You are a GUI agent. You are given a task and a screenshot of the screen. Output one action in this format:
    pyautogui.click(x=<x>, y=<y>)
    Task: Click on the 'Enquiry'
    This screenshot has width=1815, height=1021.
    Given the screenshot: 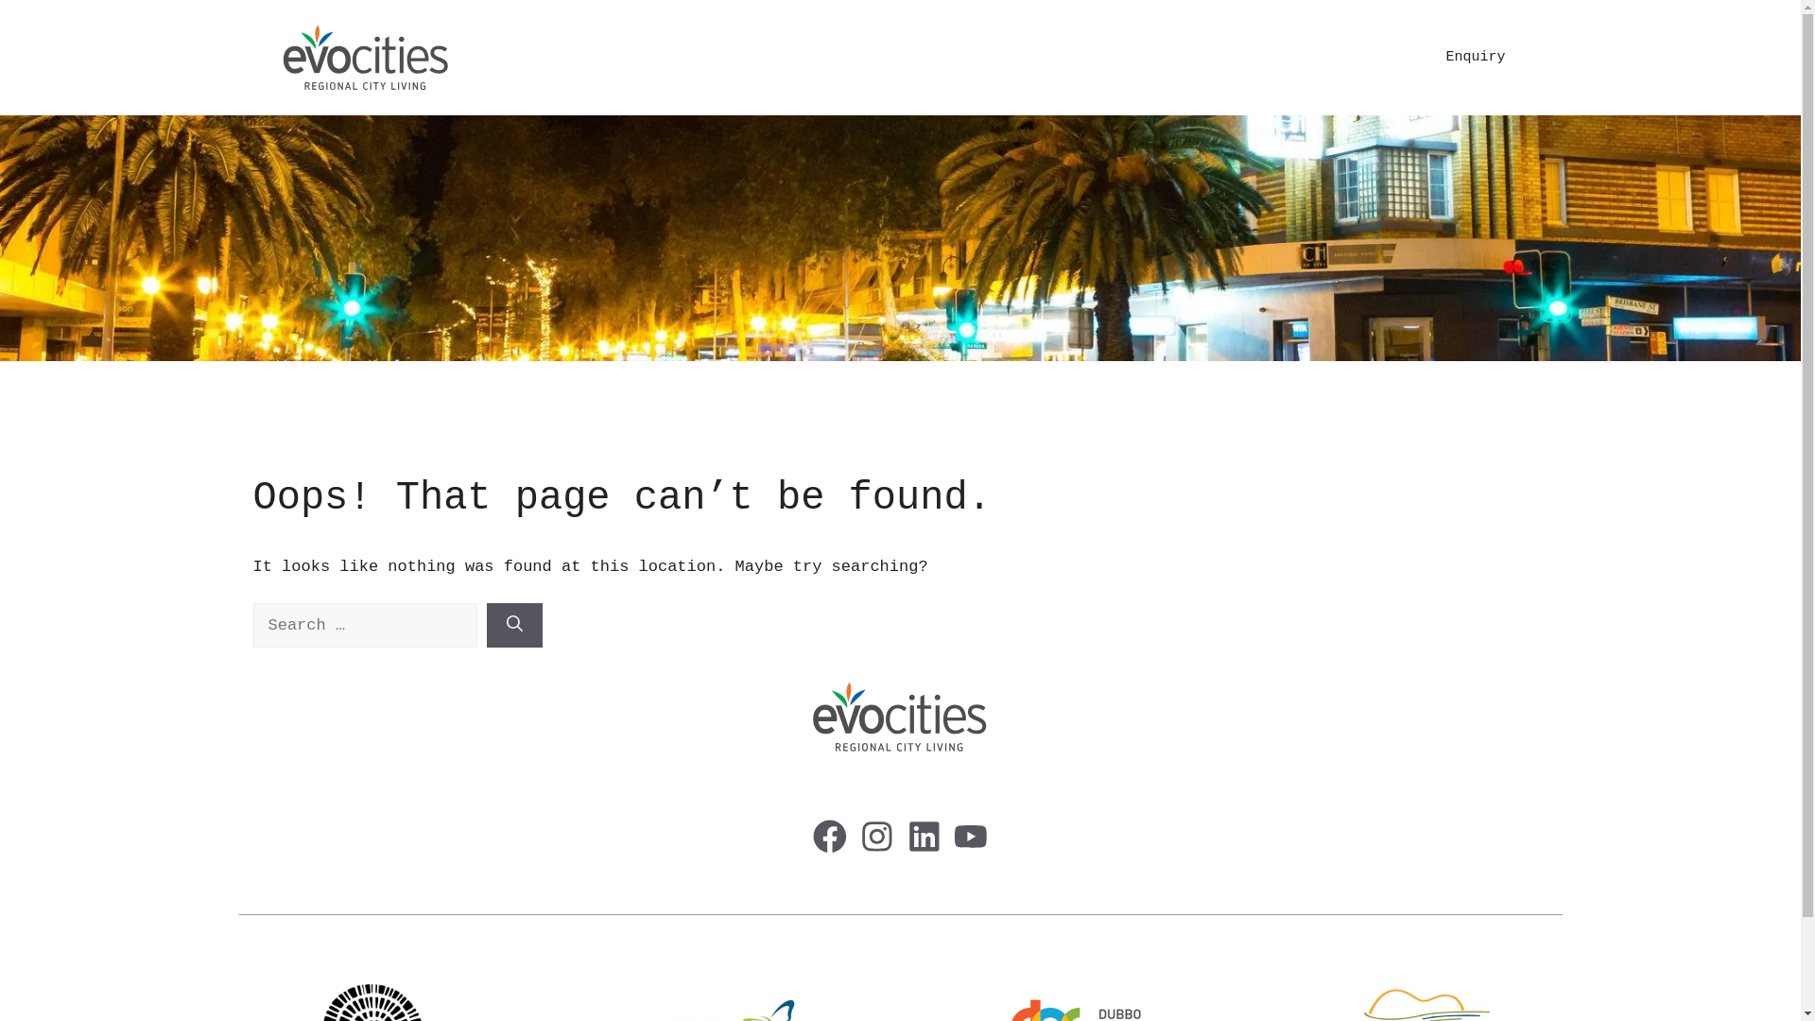 What is the action you would take?
    pyautogui.click(x=1474, y=57)
    